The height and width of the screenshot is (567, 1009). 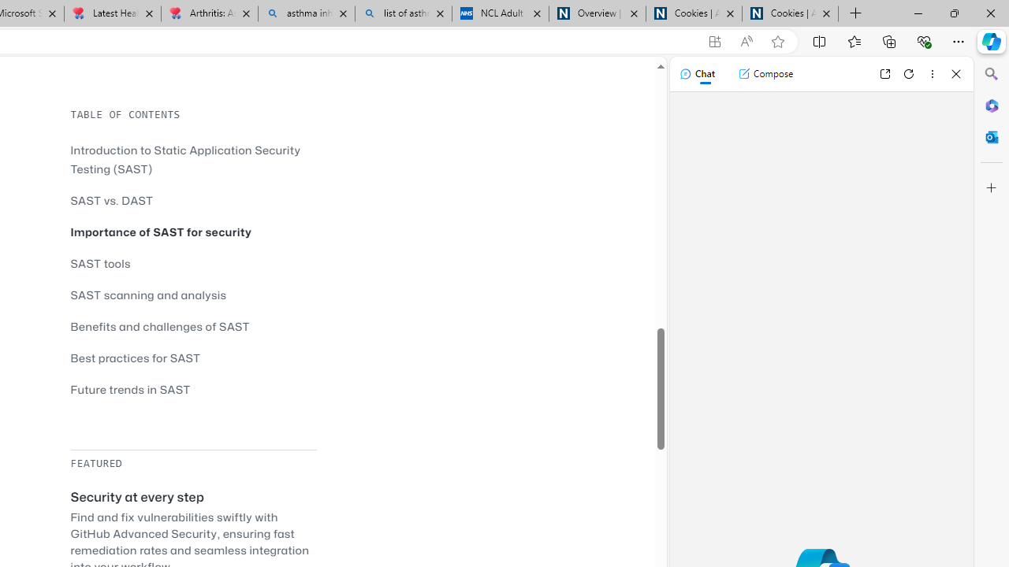 What do you see at coordinates (696, 73) in the screenshot?
I see `'Chat'` at bounding box center [696, 73].